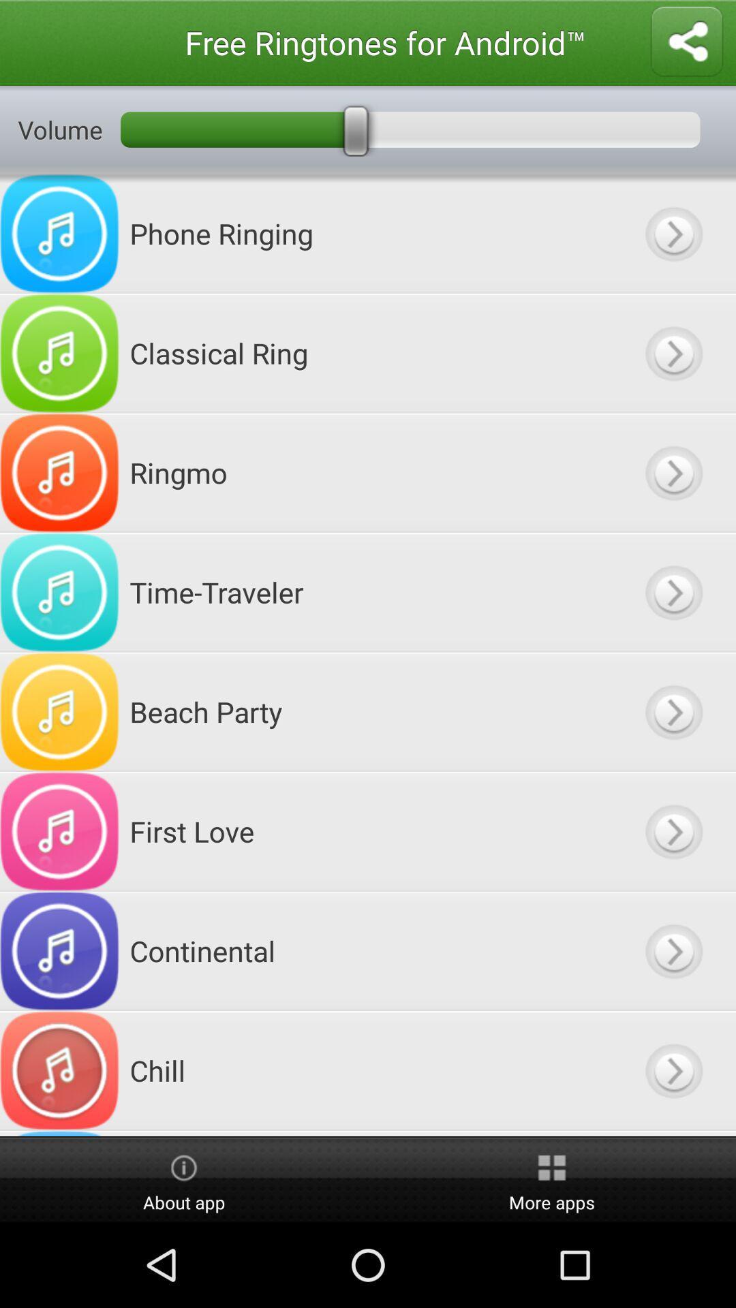  What do you see at coordinates (673, 234) in the screenshot?
I see `open additional settings/options` at bounding box center [673, 234].